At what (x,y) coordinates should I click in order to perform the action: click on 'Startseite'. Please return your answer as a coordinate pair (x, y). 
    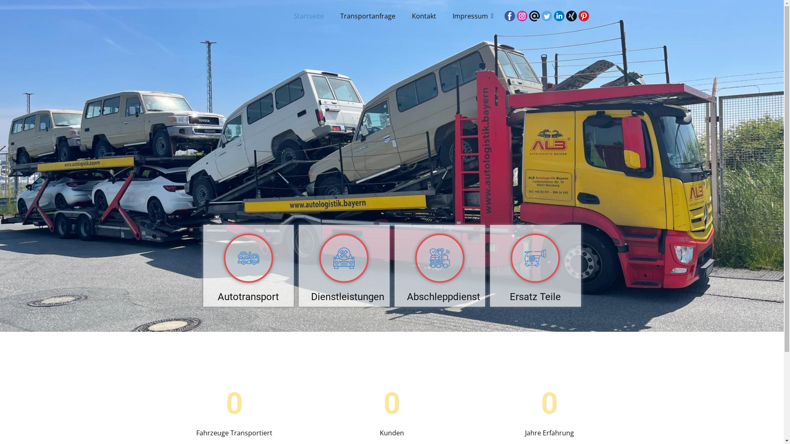
    Looking at the image, I should click on (308, 16).